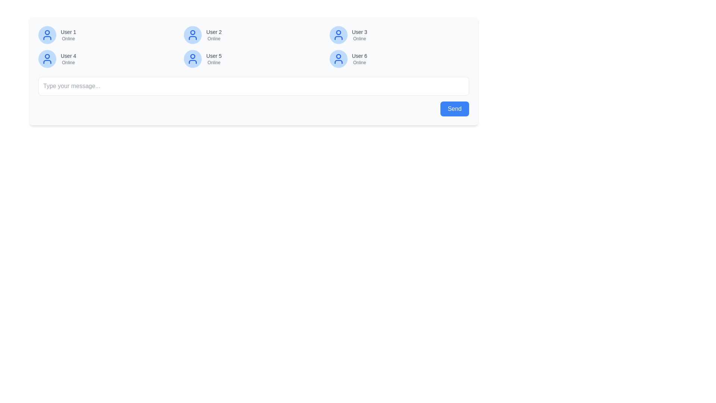 This screenshot has width=716, height=403. I want to click on the icon representing 'User 3 Online' located in the third column, second row of the user status grid, so click(338, 35).